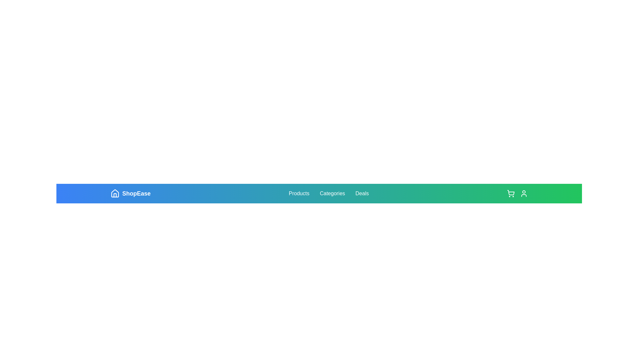 This screenshot has height=352, width=626. I want to click on the interactive text link labeled 'Products', so click(299, 193).